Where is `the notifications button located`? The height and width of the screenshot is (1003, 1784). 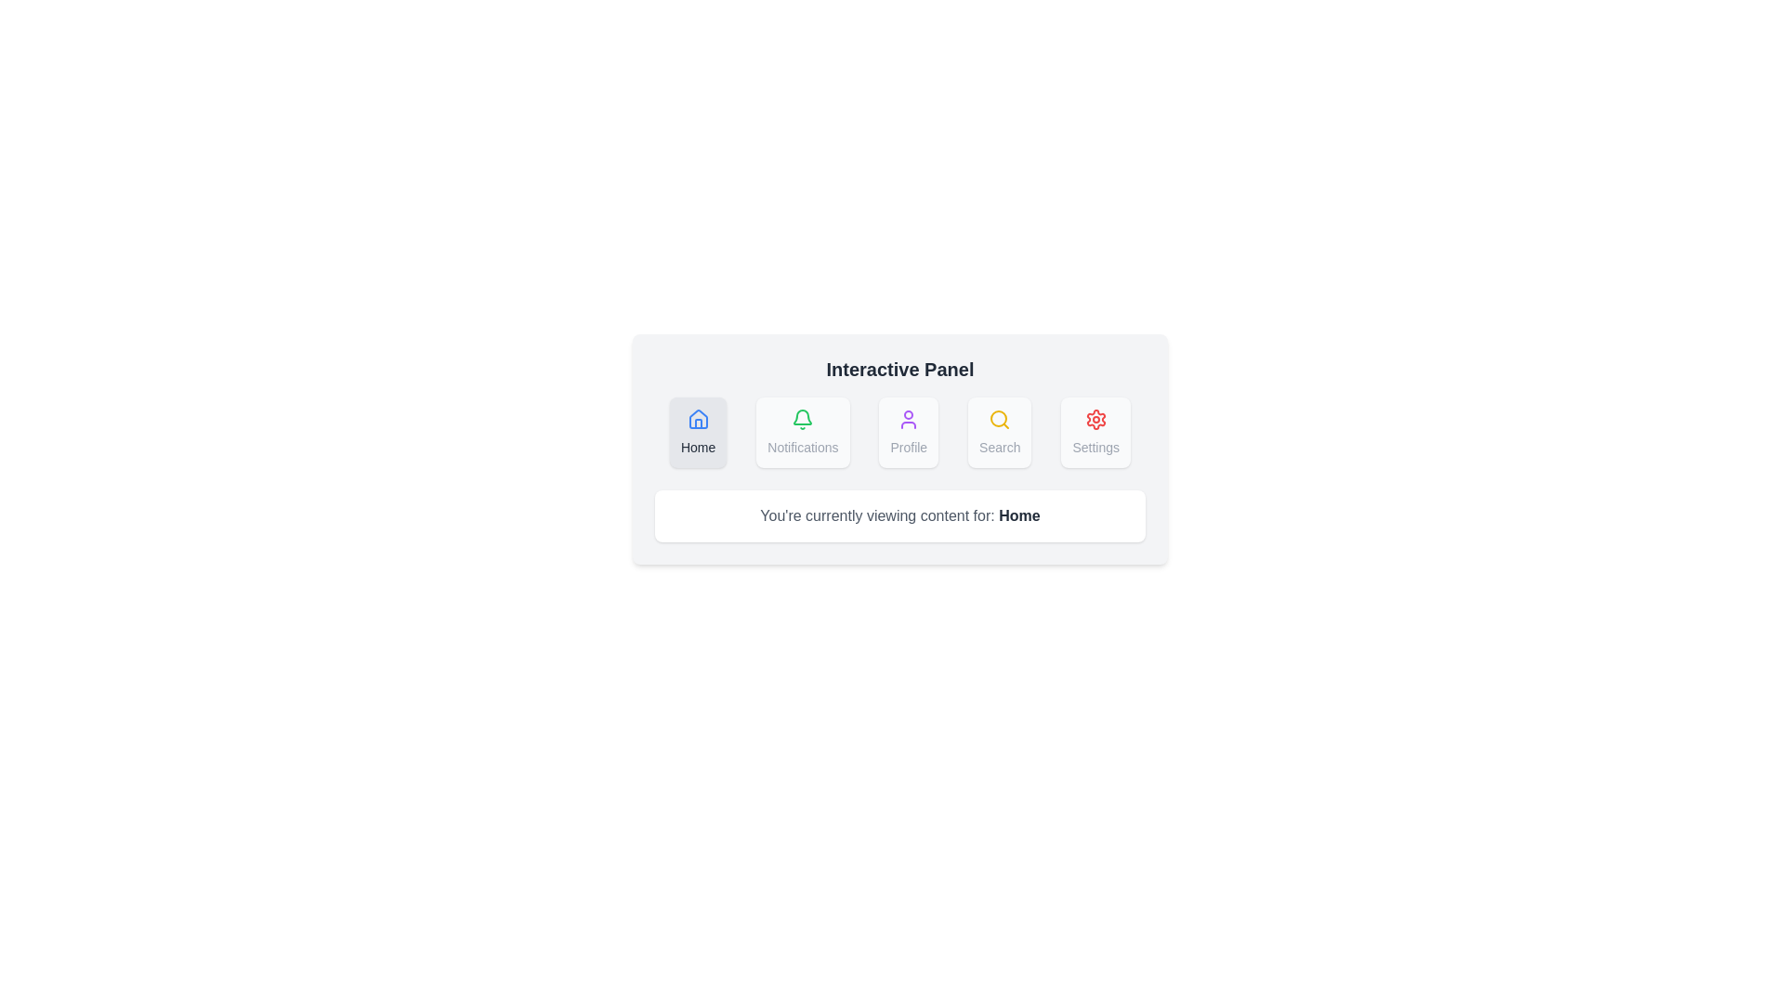
the notifications button located is located at coordinates (803, 433).